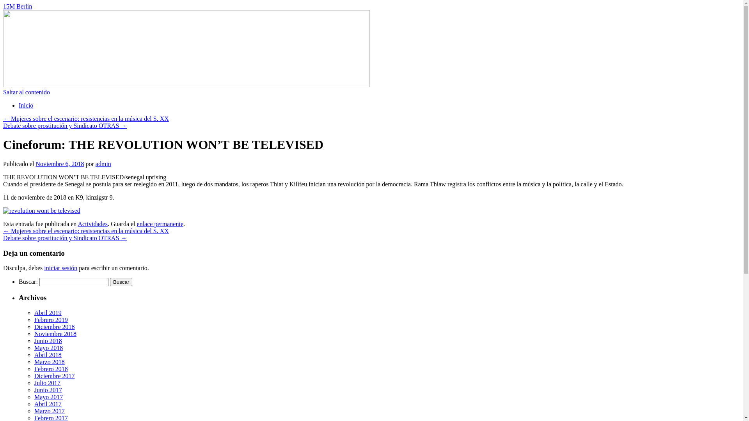 The image size is (749, 421). I want to click on 'Febrero 2018', so click(34, 368).